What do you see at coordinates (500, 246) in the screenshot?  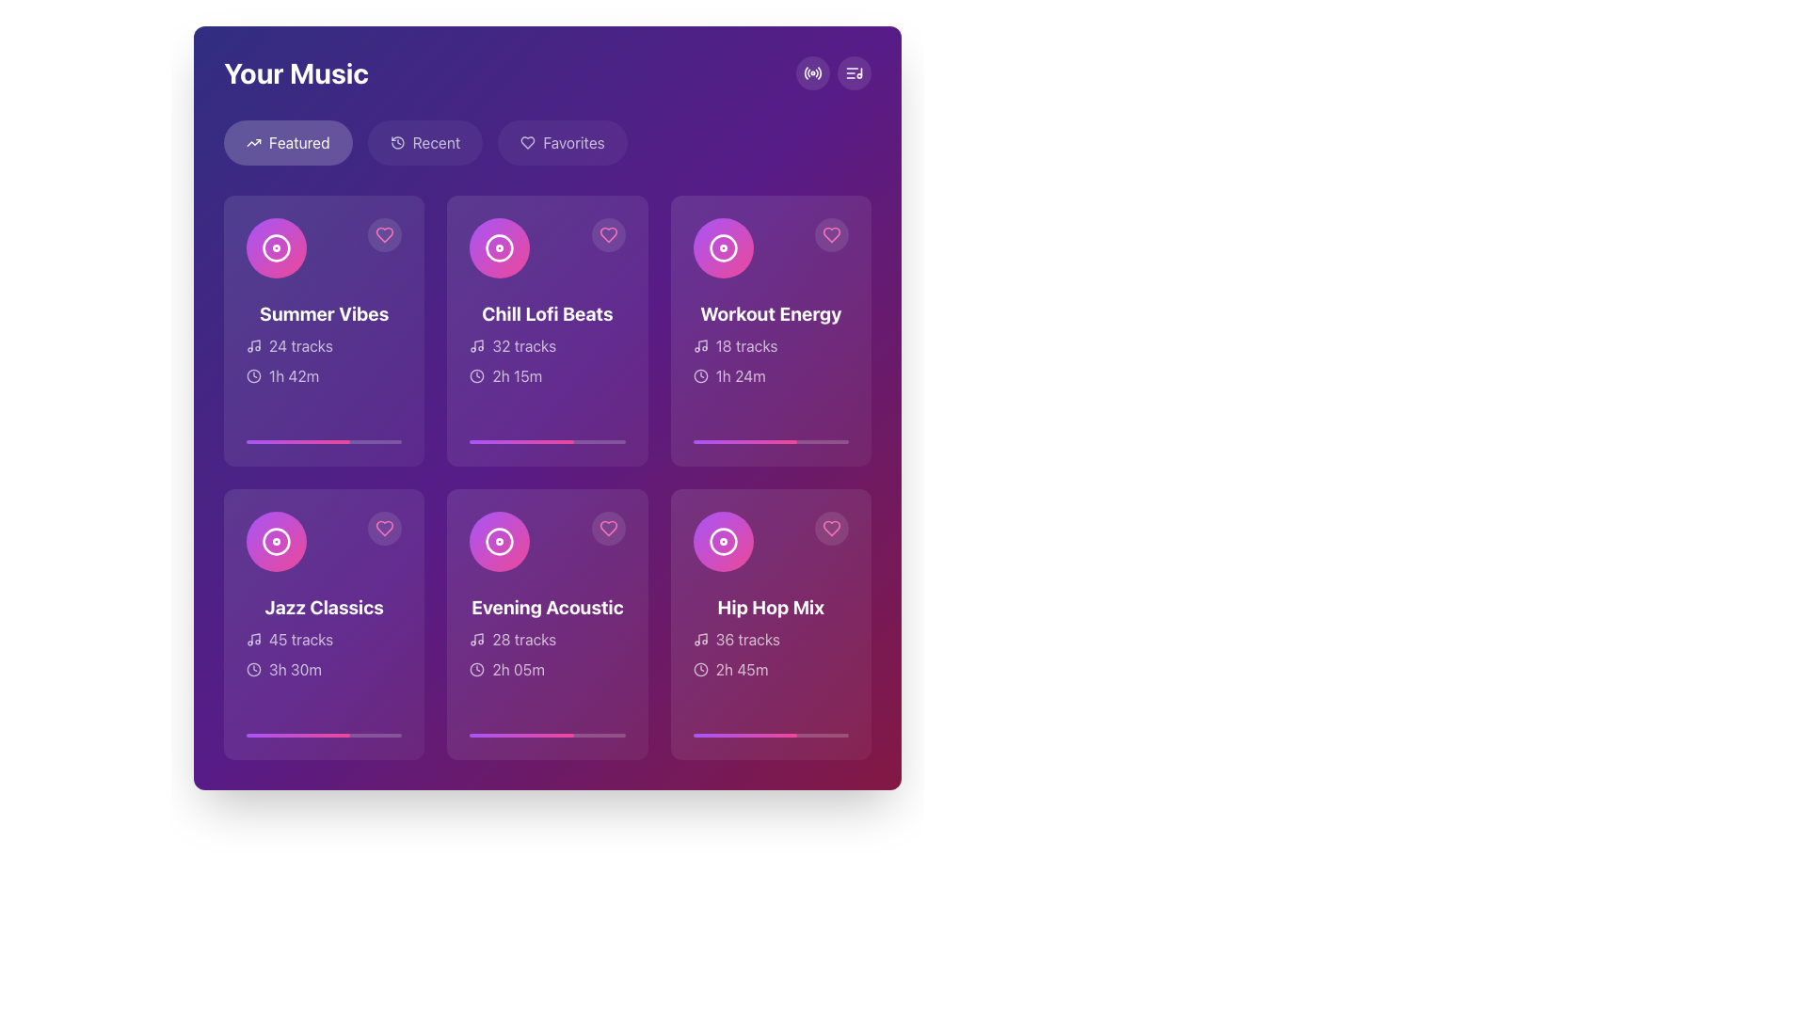 I see `the circular graphic element in the center of the 'Chill Lofi Beats' music playlist card` at bounding box center [500, 246].